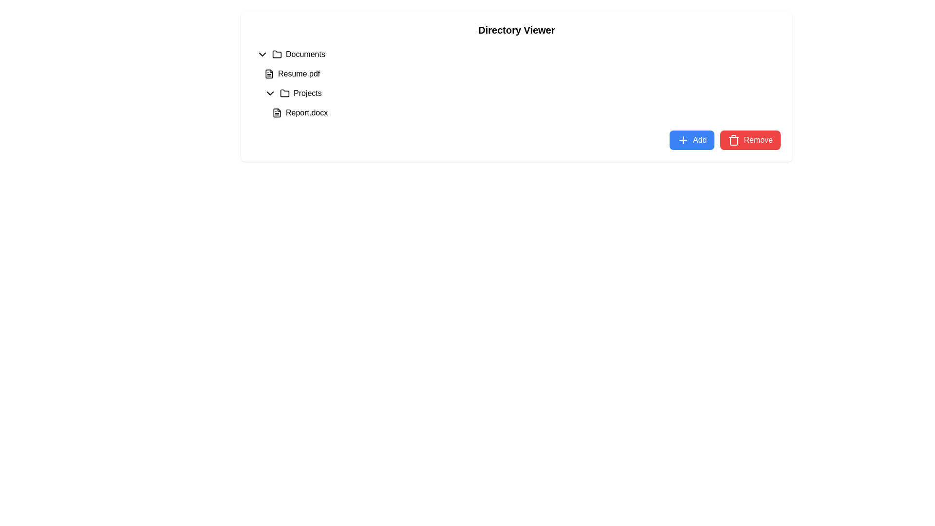 This screenshot has height=526, width=935. What do you see at coordinates (306, 112) in the screenshot?
I see `the text label for the file 'Report.docx' under the 'Projects' folder` at bounding box center [306, 112].